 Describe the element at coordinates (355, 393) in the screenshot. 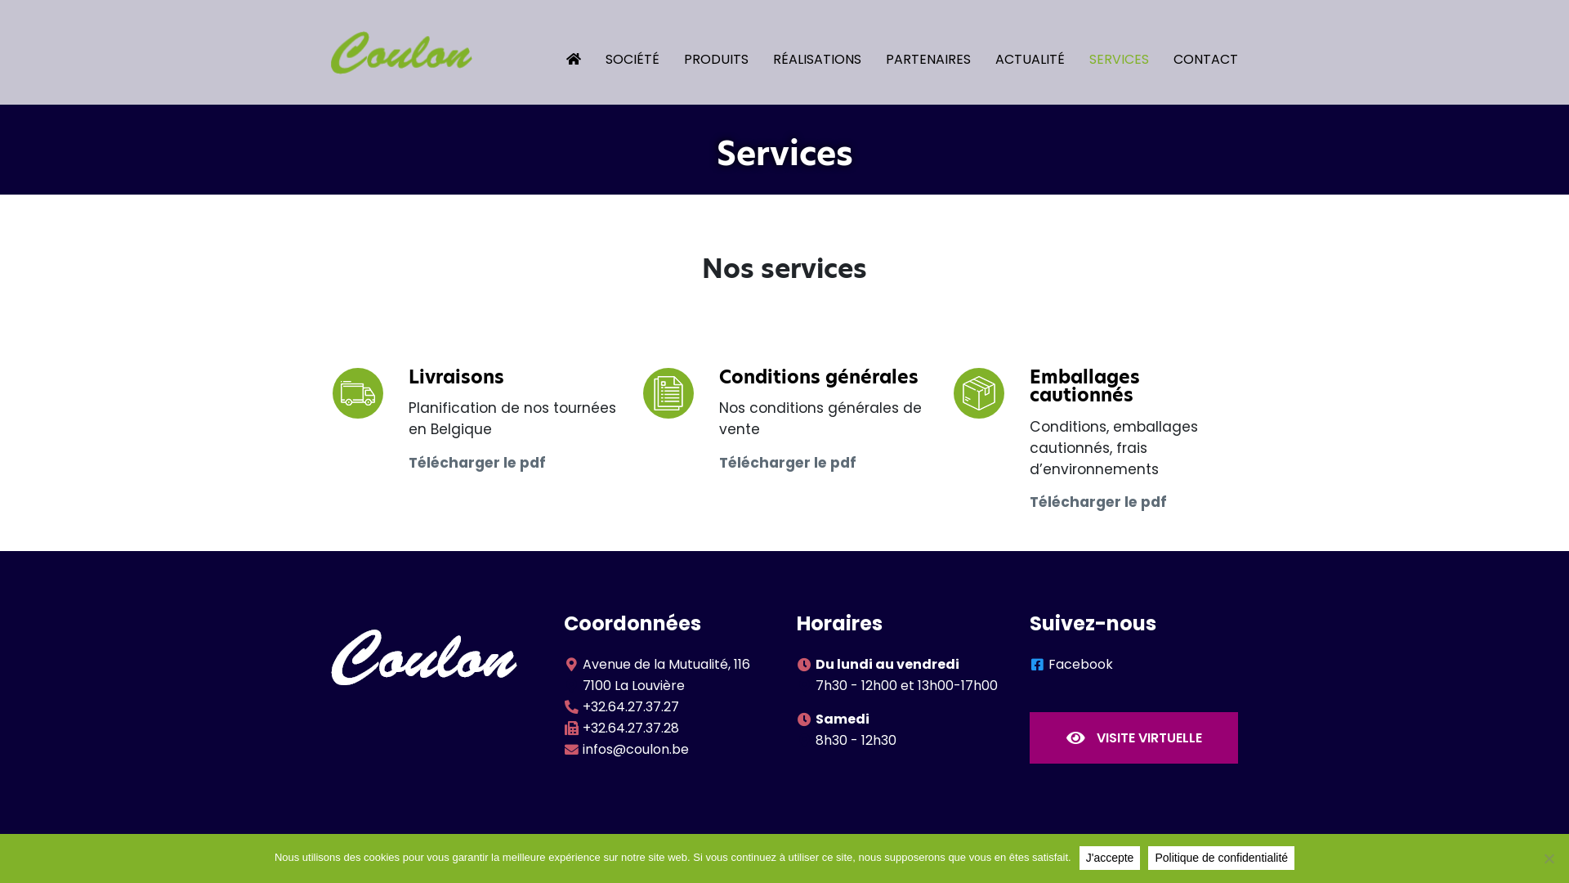

I see `'truck'` at that location.